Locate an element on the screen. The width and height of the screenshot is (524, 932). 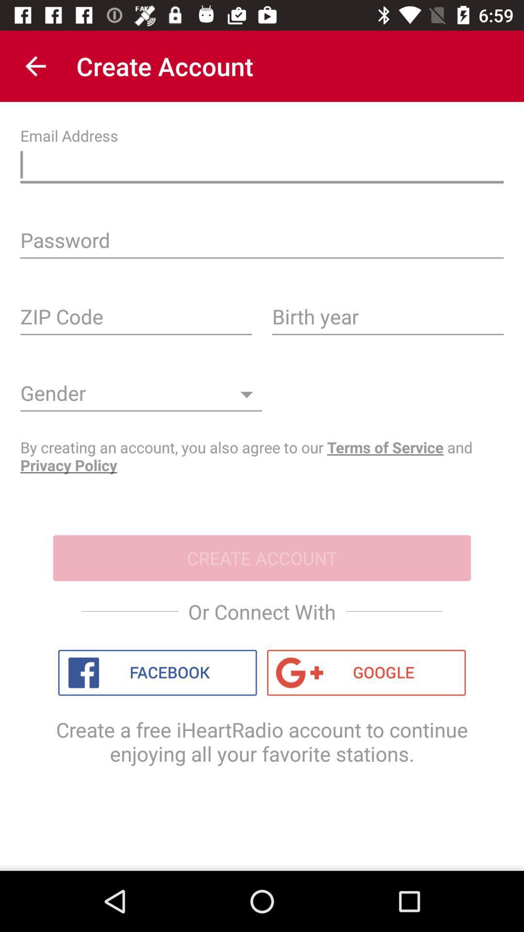
zip code is located at coordinates (136, 320).